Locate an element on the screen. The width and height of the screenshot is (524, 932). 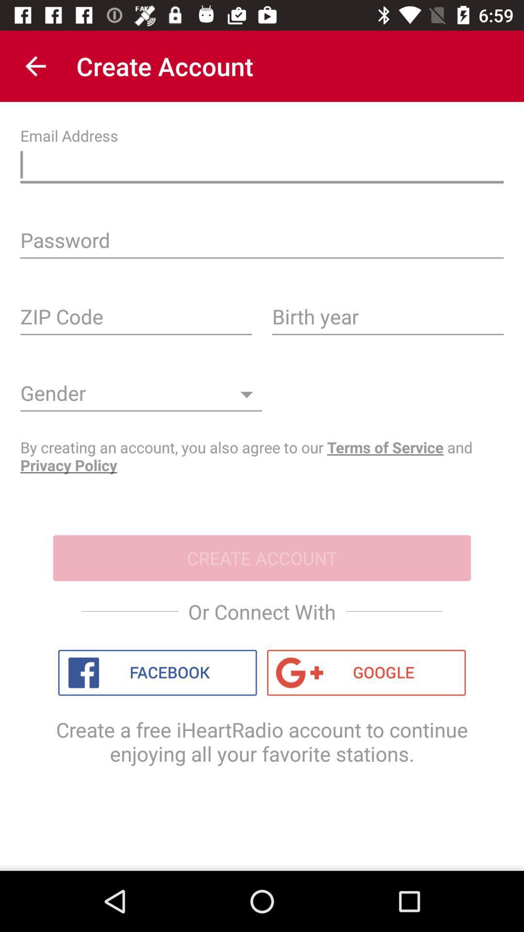
zip code is located at coordinates (136, 320).